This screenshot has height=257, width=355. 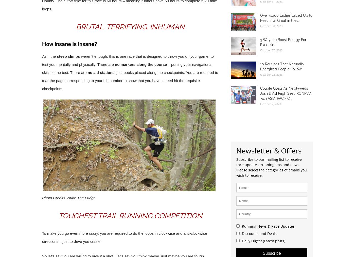 What do you see at coordinates (130, 216) in the screenshot?
I see `'TOUGHEST TRAIL RUNNING COMPETITION'` at bounding box center [130, 216].